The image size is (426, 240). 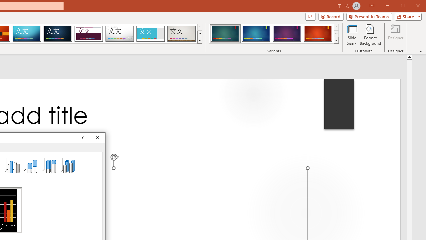 What do you see at coordinates (199, 40) in the screenshot?
I see `'Themes'` at bounding box center [199, 40].